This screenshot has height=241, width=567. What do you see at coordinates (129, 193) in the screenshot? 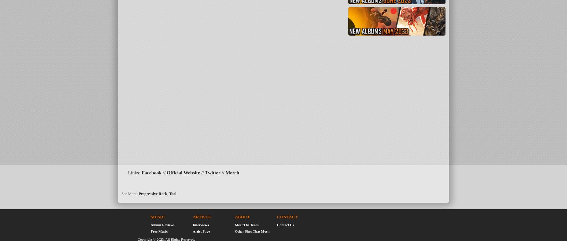
I see `'See More:'` at bounding box center [129, 193].